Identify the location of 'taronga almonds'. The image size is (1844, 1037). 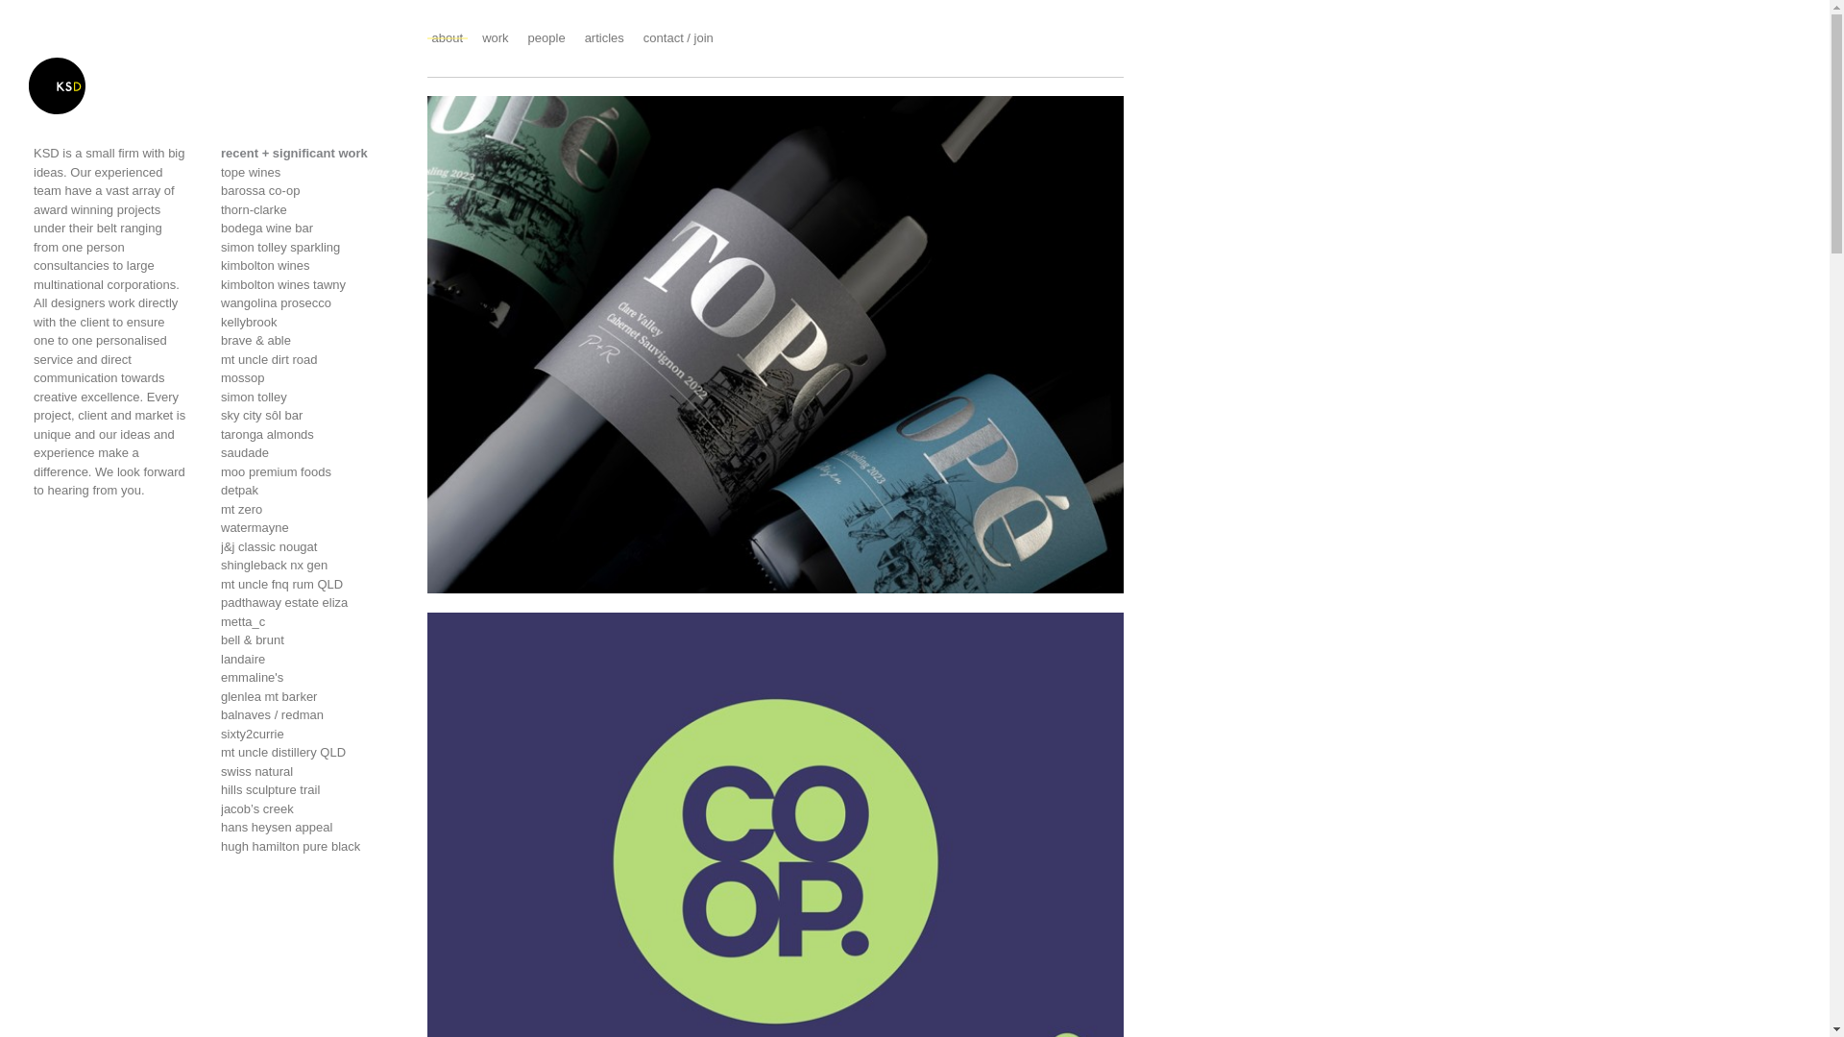
(307, 433).